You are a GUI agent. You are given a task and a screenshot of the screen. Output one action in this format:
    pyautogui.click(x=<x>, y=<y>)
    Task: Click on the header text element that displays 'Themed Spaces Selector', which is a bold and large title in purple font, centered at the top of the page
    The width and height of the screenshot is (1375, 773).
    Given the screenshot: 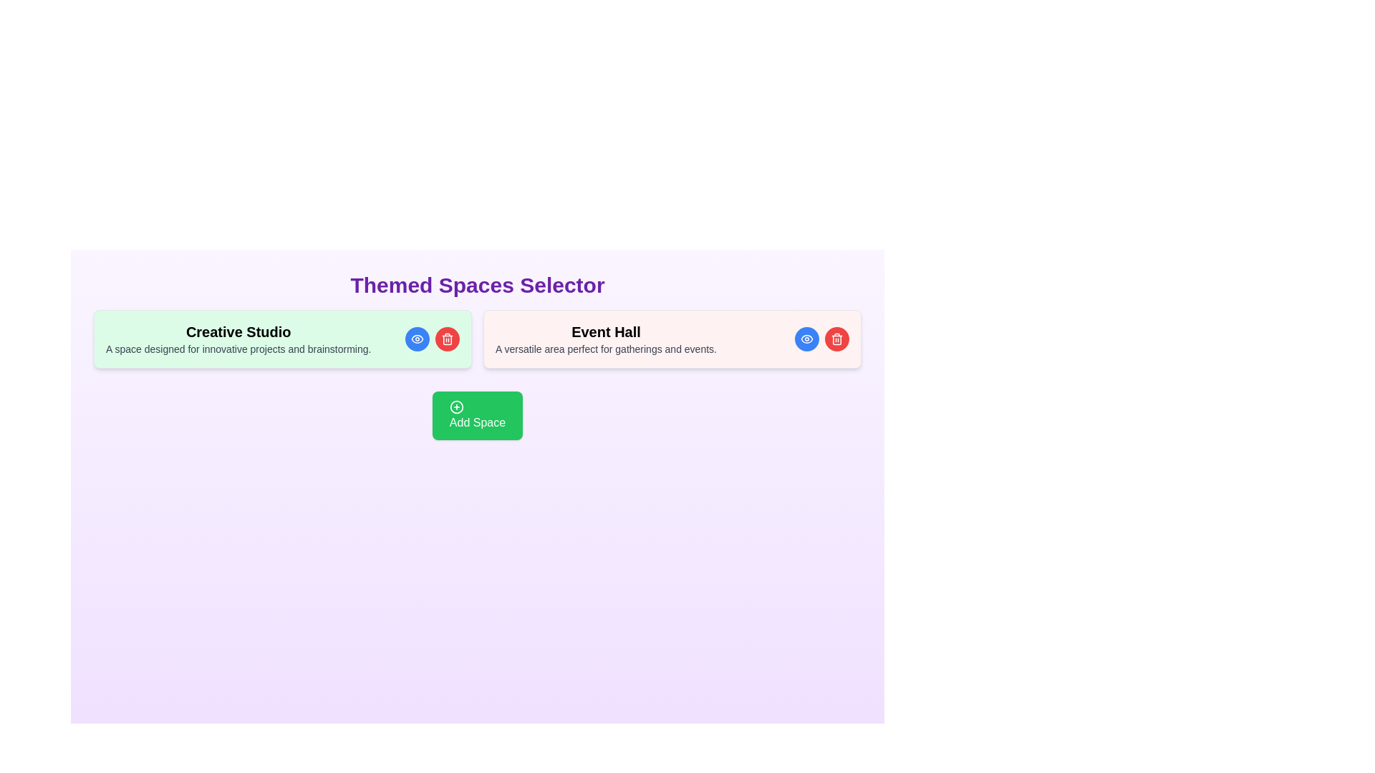 What is the action you would take?
    pyautogui.click(x=478, y=285)
    